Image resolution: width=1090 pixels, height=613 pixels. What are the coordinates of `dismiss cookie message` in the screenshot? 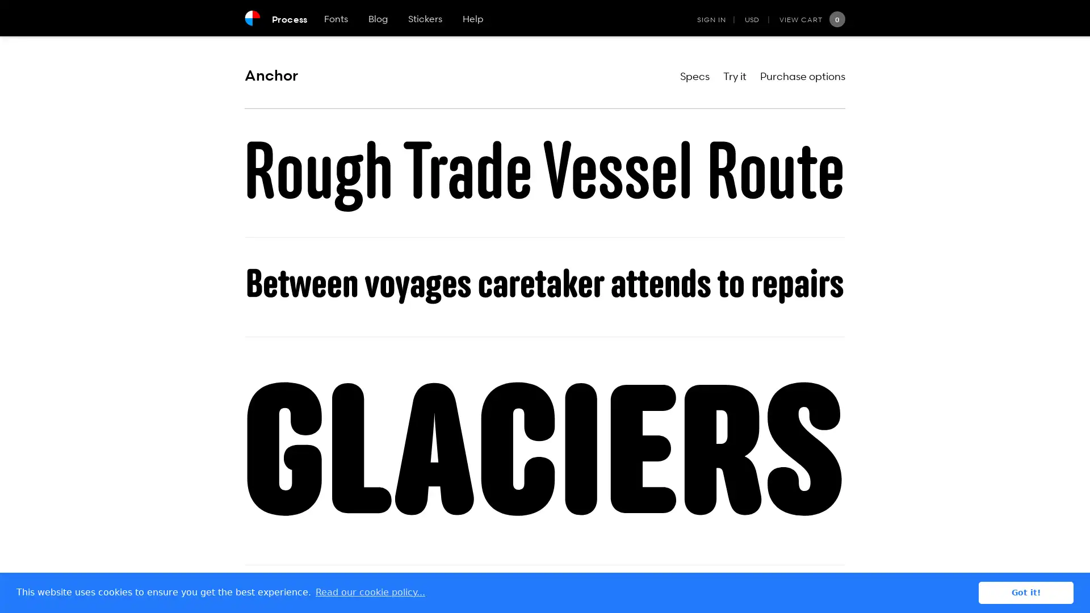 It's located at (1026, 592).